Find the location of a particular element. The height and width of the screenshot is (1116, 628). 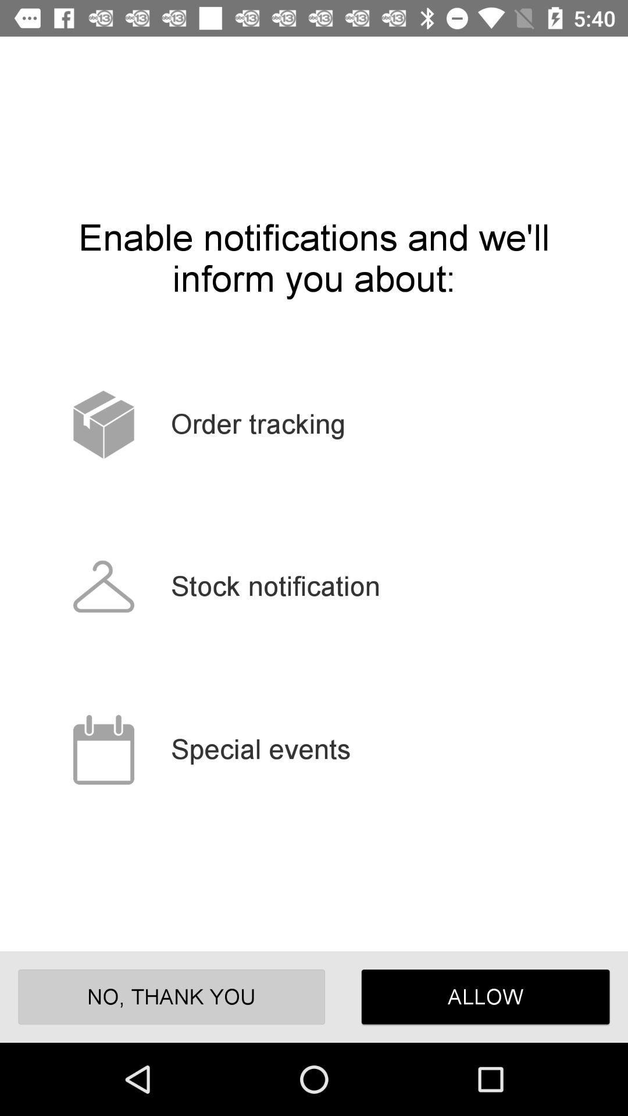

icon next to no, thank you item is located at coordinates (486, 996).